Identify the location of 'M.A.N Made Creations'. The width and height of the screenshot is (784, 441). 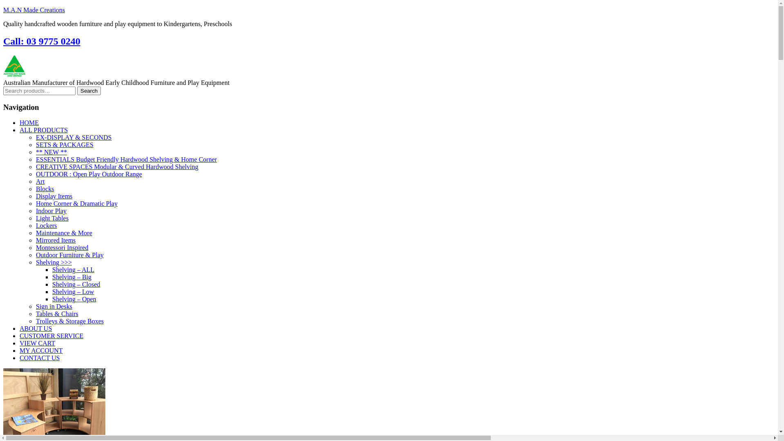
(33, 10).